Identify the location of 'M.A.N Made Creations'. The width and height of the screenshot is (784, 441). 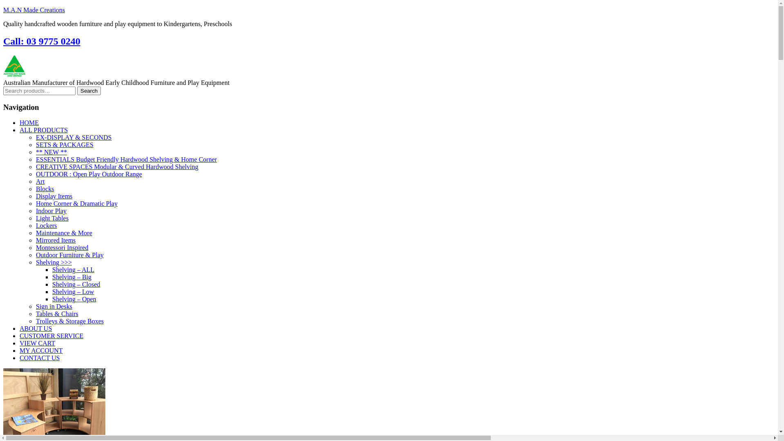
(33, 10).